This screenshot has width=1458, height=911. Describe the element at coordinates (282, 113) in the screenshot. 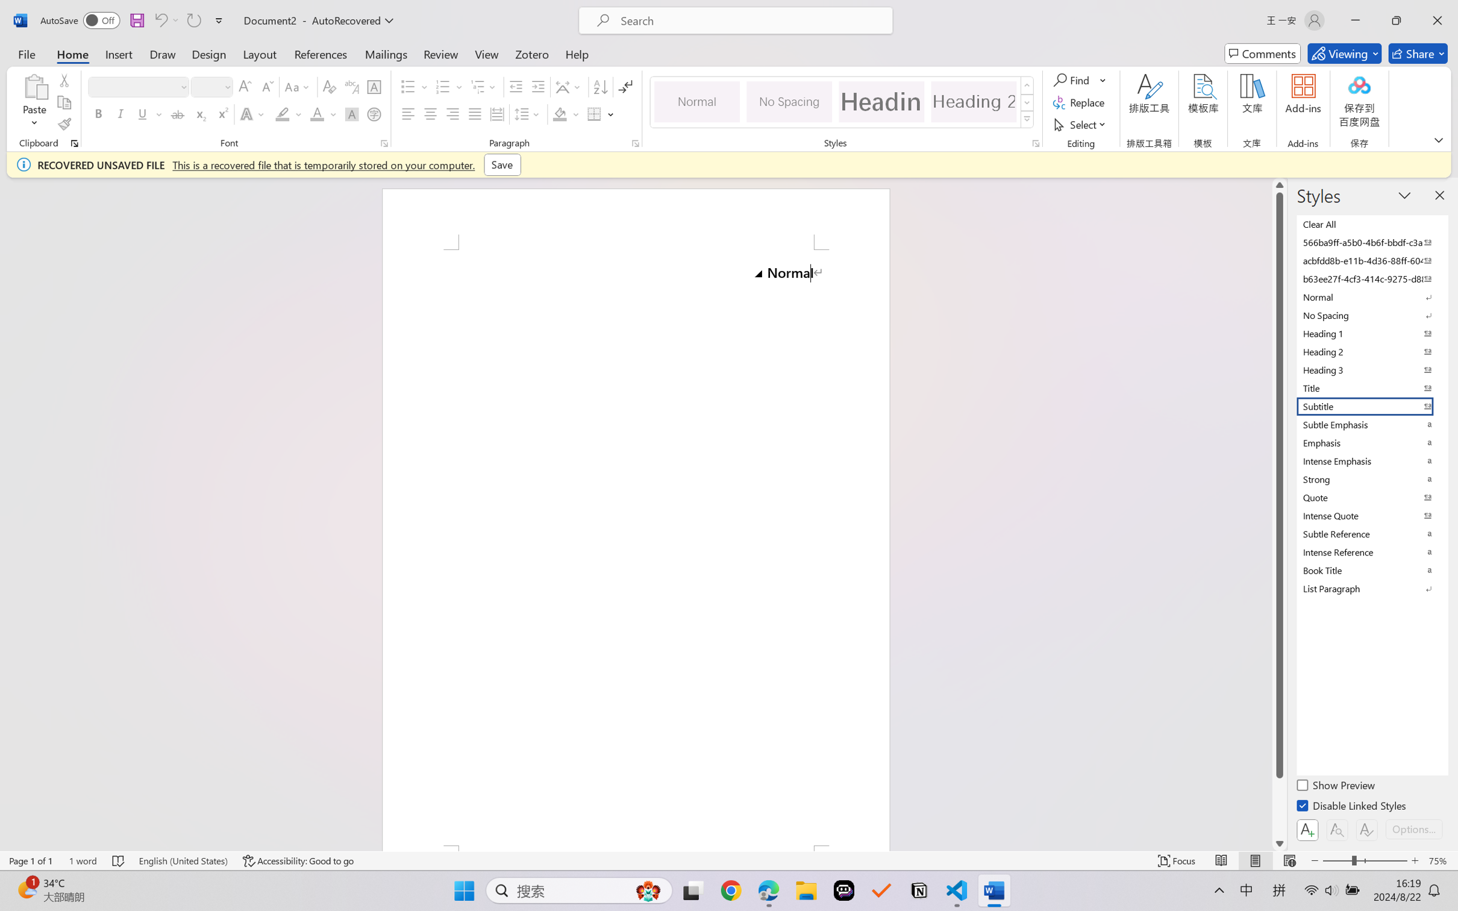

I see `'Text Highlight Color Yellow'` at that location.